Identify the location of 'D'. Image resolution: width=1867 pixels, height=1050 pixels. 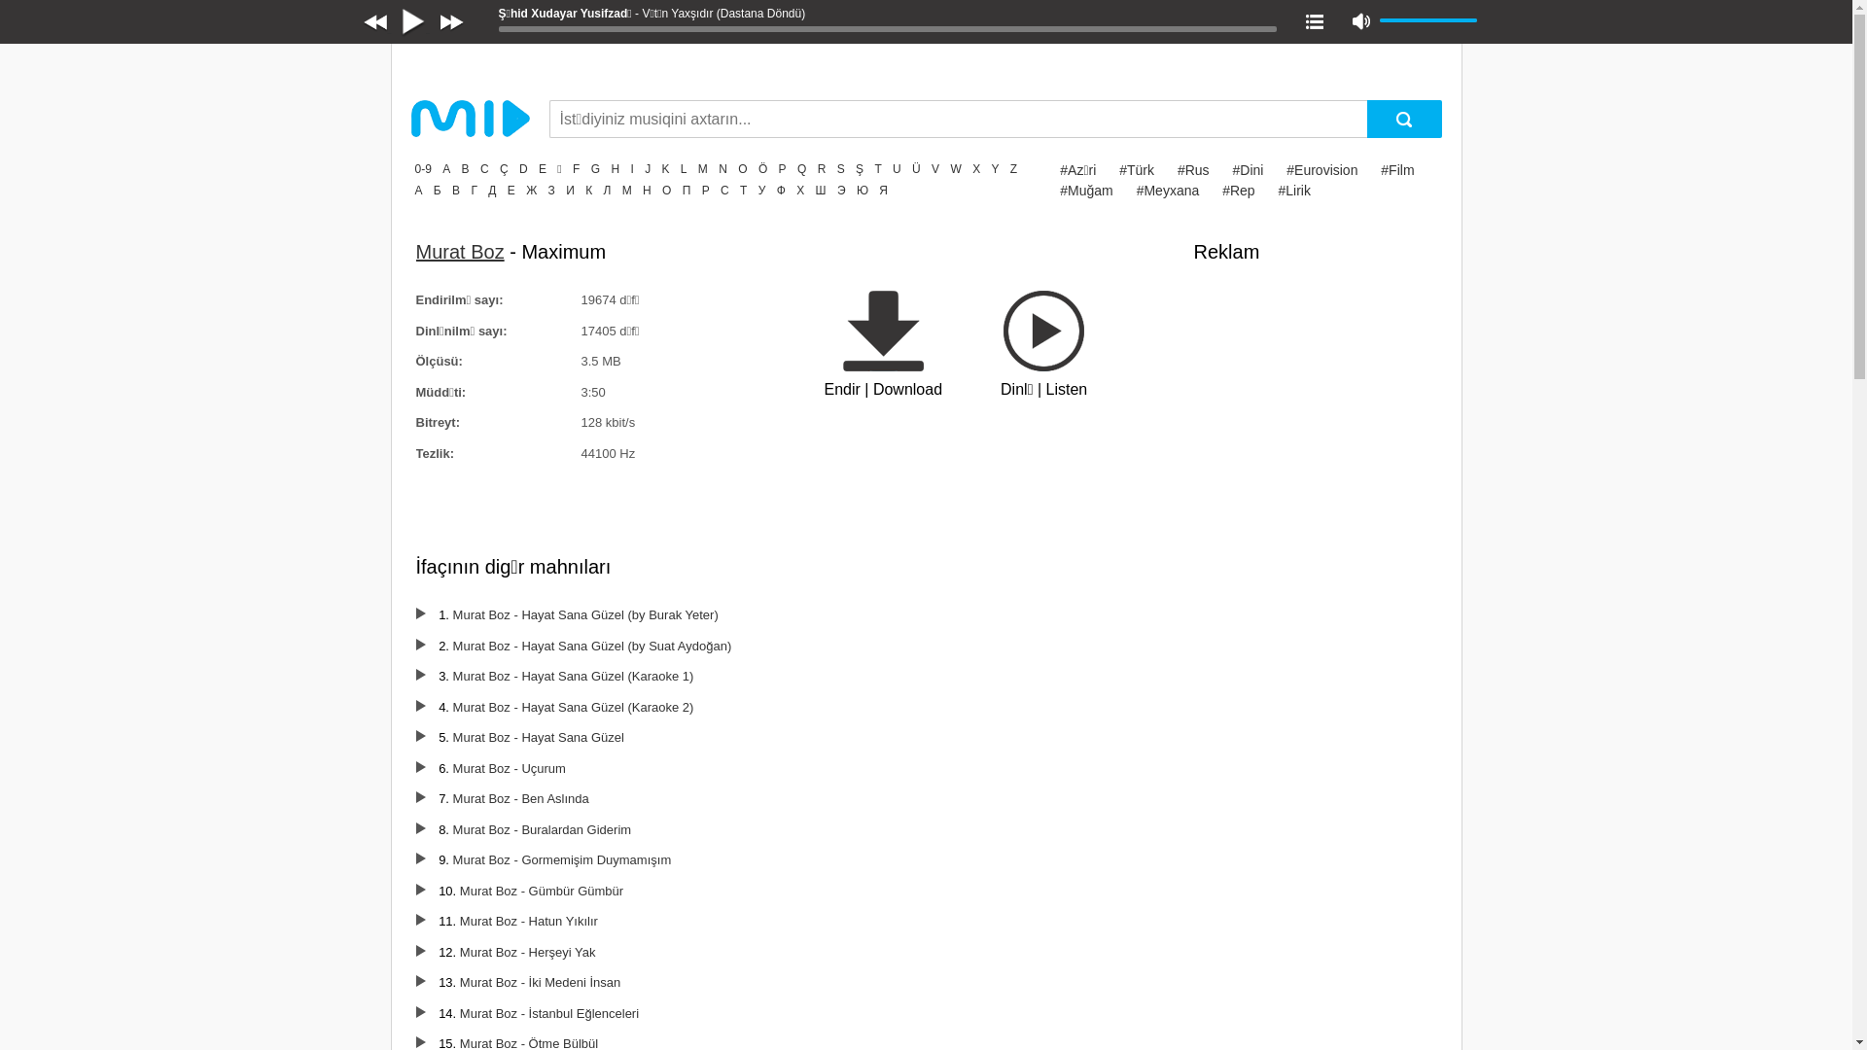
(523, 167).